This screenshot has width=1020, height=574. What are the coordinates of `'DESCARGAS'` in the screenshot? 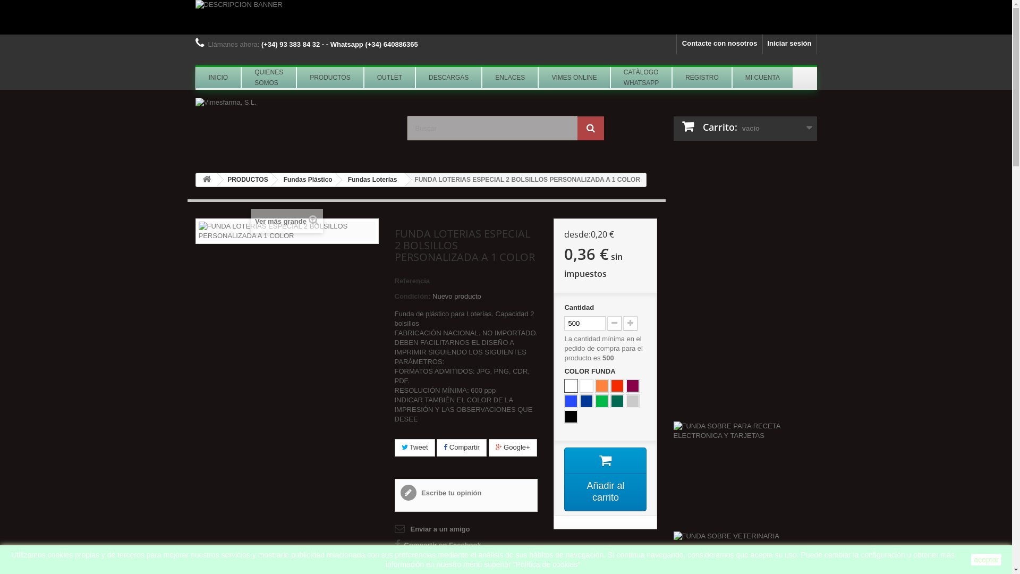 It's located at (448, 77).